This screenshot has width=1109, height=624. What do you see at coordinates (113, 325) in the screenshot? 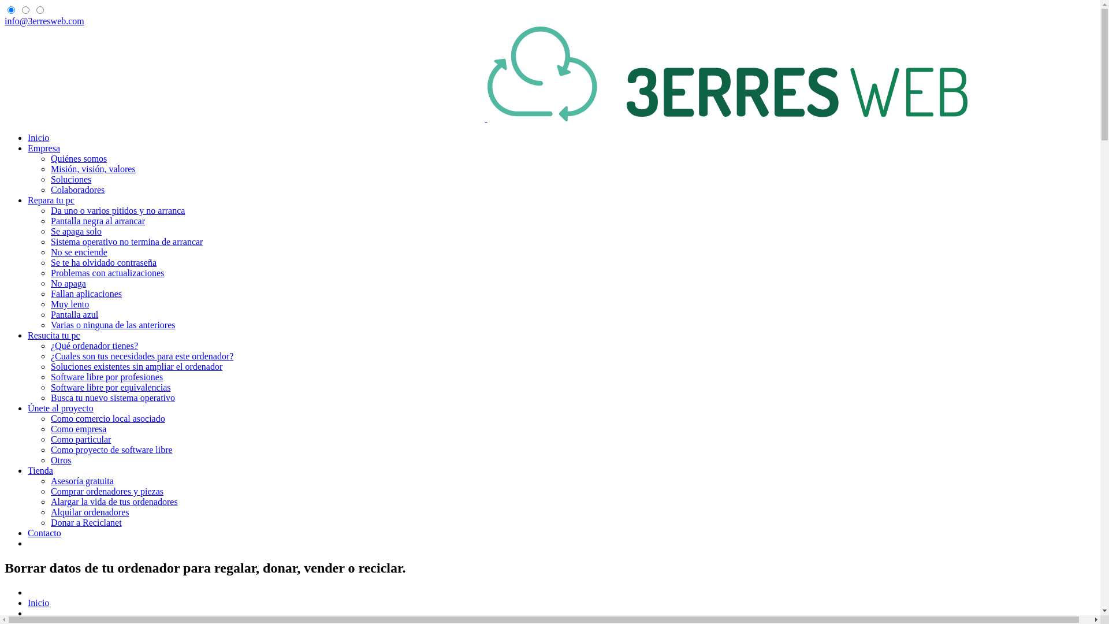
I see `'Varias o ninguna de las anteriores'` at bounding box center [113, 325].